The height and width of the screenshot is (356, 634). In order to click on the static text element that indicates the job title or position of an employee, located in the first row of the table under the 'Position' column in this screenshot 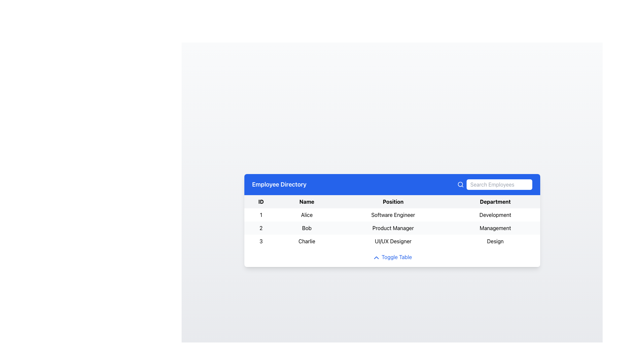, I will do `click(393, 215)`.